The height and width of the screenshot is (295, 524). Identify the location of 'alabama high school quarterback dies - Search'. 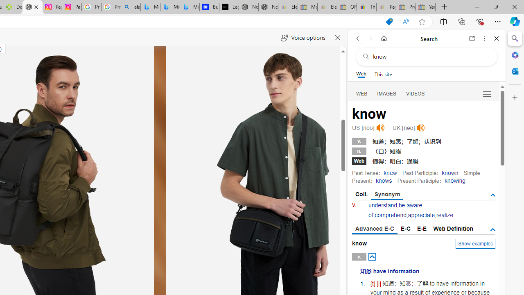
(130, 7).